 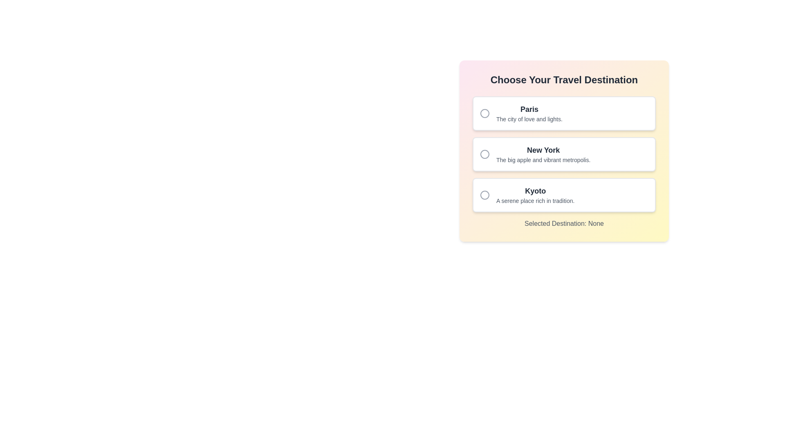 What do you see at coordinates (564, 154) in the screenshot?
I see `the 'New York' selectable option with a radio button` at bounding box center [564, 154].